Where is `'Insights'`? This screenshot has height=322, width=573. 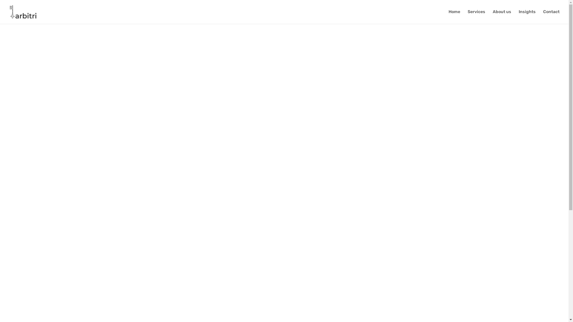 'Insights' is located at coordinates (527, 16).